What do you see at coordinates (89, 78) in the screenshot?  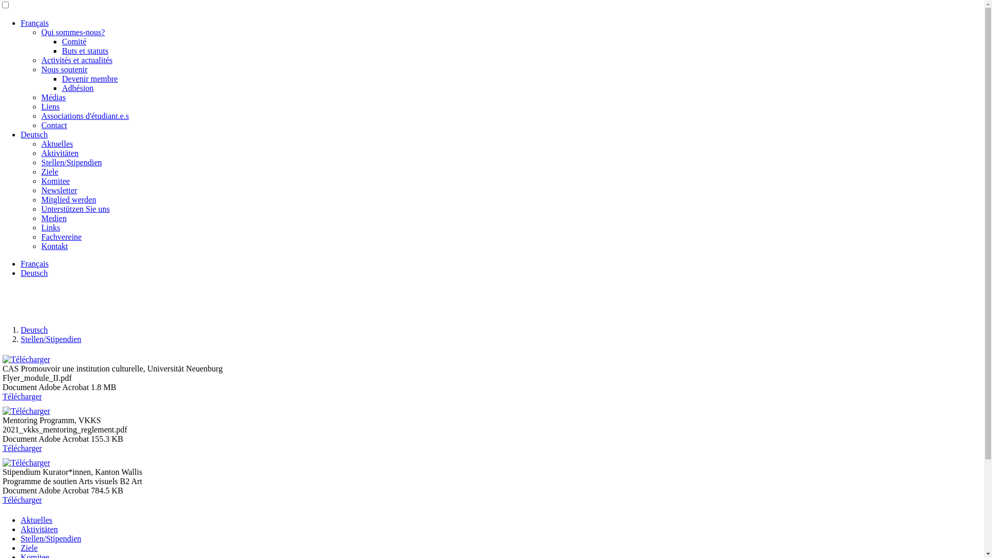 I see `'Devenir membre'` at bounding box center [89, 78].